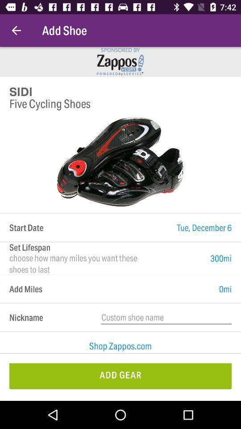  What do you see at coordinates (166, 317) in the screenshot?
I see `nickname textbox` at bounding box center [166, 317].